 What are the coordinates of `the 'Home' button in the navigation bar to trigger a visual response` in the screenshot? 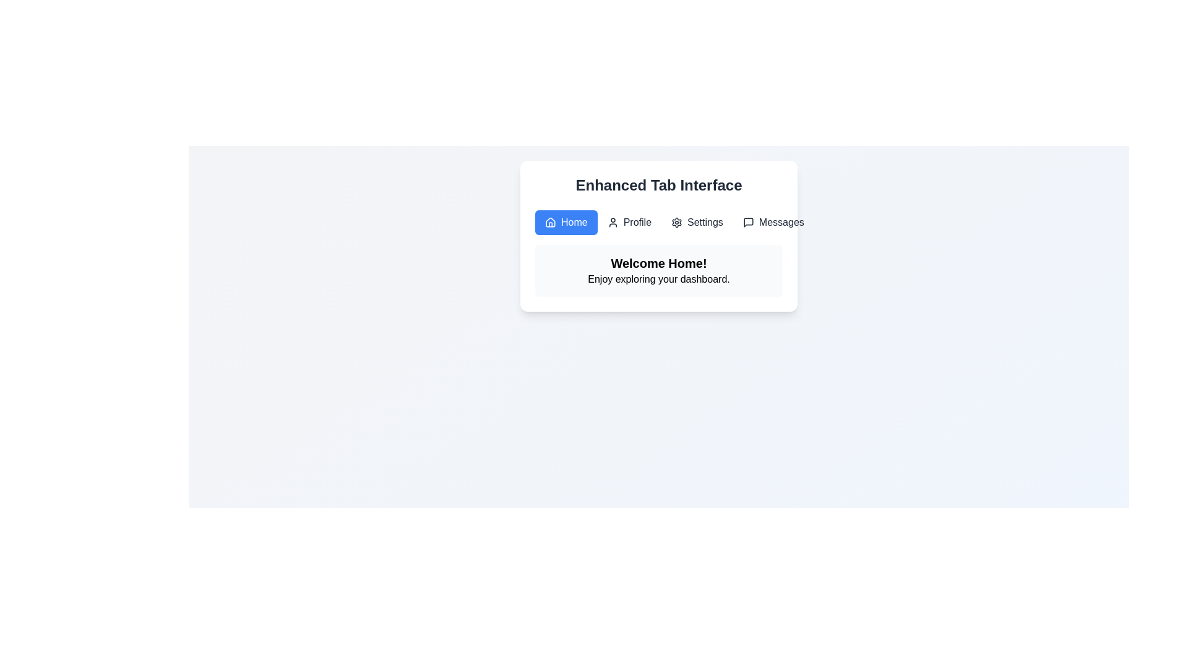 It's located at (574, 221).